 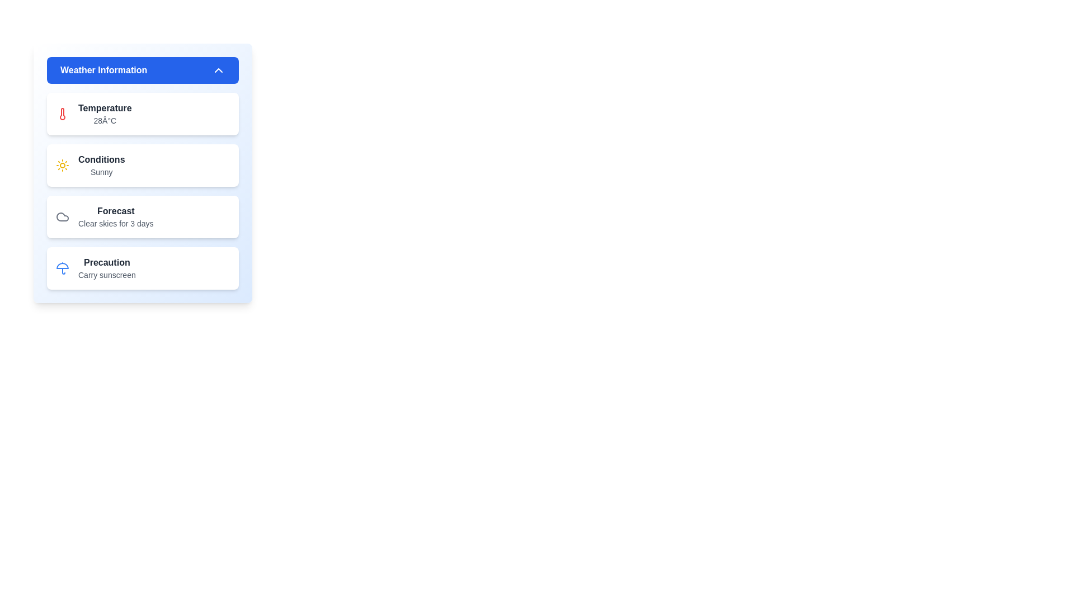 What do you see at coordinates (115, 211) in the screenshot?
I see `the text label that serves as a header for the weather forecast section, located above the text 'Clear skies for 3 days' and adjacent to a cloud icon` at bounding box center [115, 211].